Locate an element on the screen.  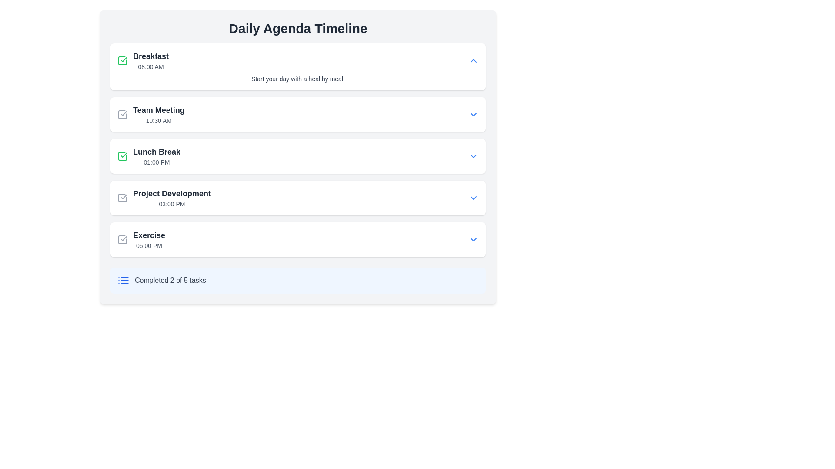
the 'Lunch Break' agenda item located in the third row of the list is located at coordinates (149, 155).